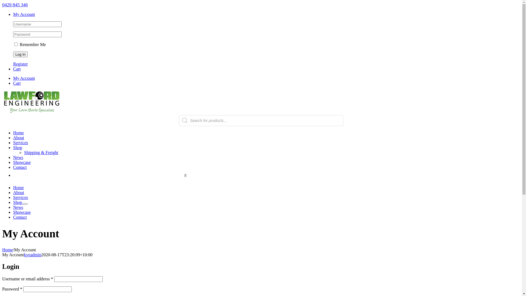 Image resolution: width=526 pixels, height=296 pixels. I want to click on 'My Account', so click(24, 14).